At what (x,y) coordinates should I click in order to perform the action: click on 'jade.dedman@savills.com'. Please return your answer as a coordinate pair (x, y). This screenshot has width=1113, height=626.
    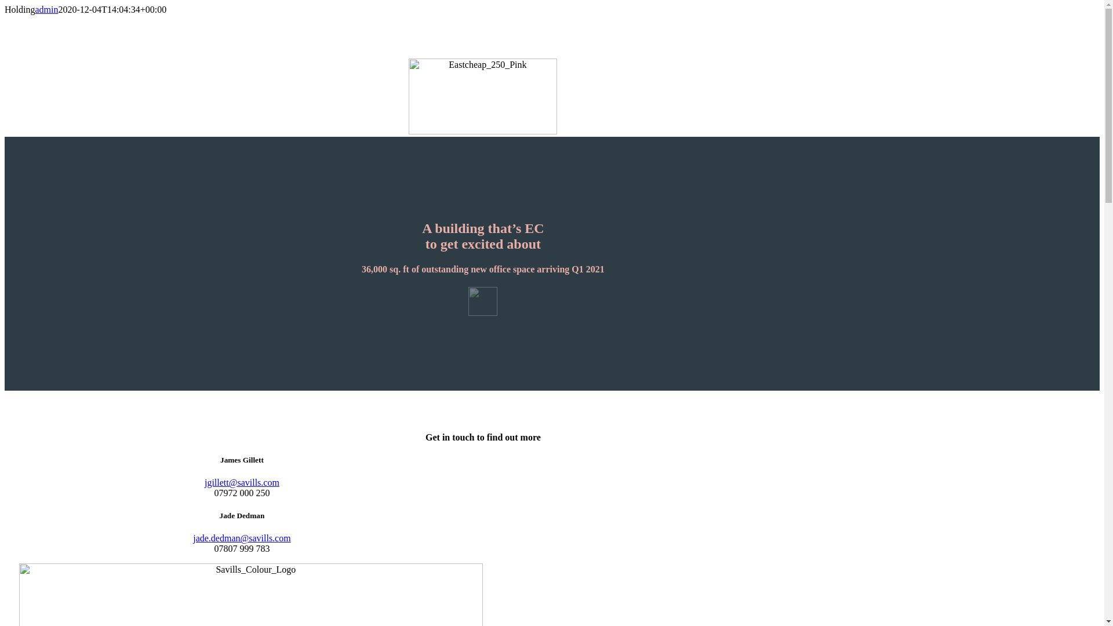
    Looking at the image, I should click on (192, 538).